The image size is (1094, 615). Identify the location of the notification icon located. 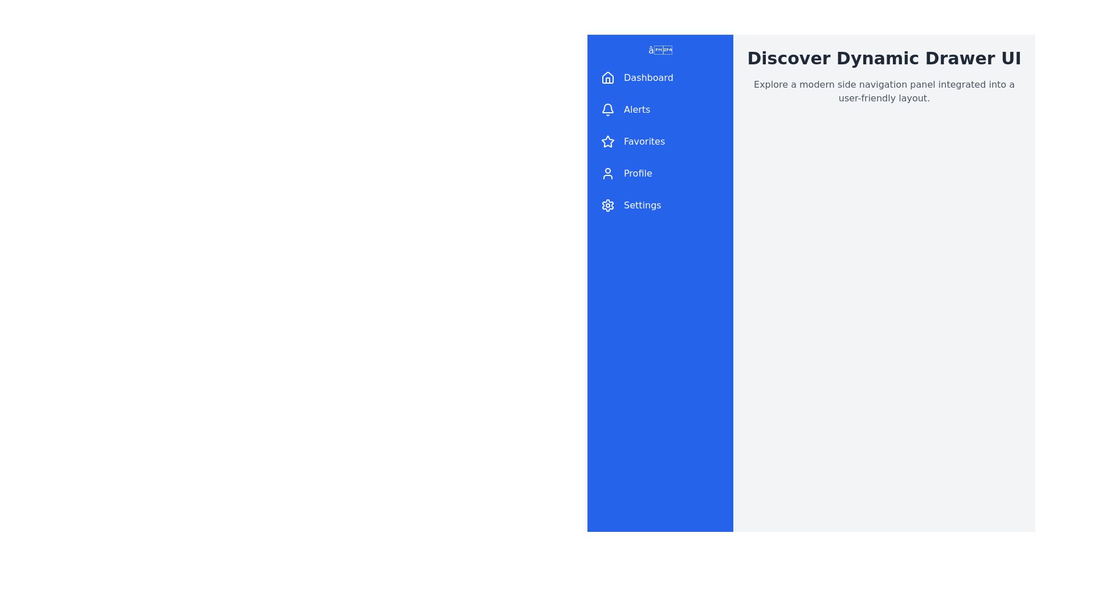
(607, 108).